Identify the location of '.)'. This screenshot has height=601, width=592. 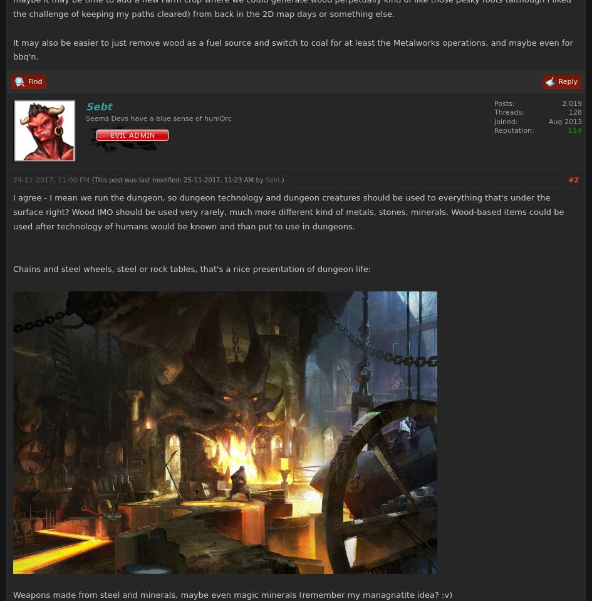
(279, 179).